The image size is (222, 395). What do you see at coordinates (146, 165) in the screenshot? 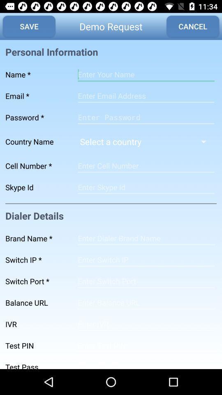
I see `screen page` at bounding box center [146, 165].